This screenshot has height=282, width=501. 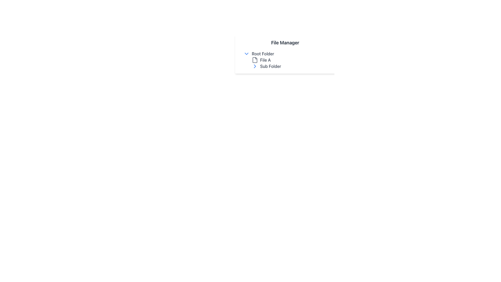 What do you see at coordinates (255, 60) in the screenshot?
I see `the lower part of the document icon for 'File A' in the file manager interface, which visually distinguishes 'File A' as a document` at bounding box center [255, 60].